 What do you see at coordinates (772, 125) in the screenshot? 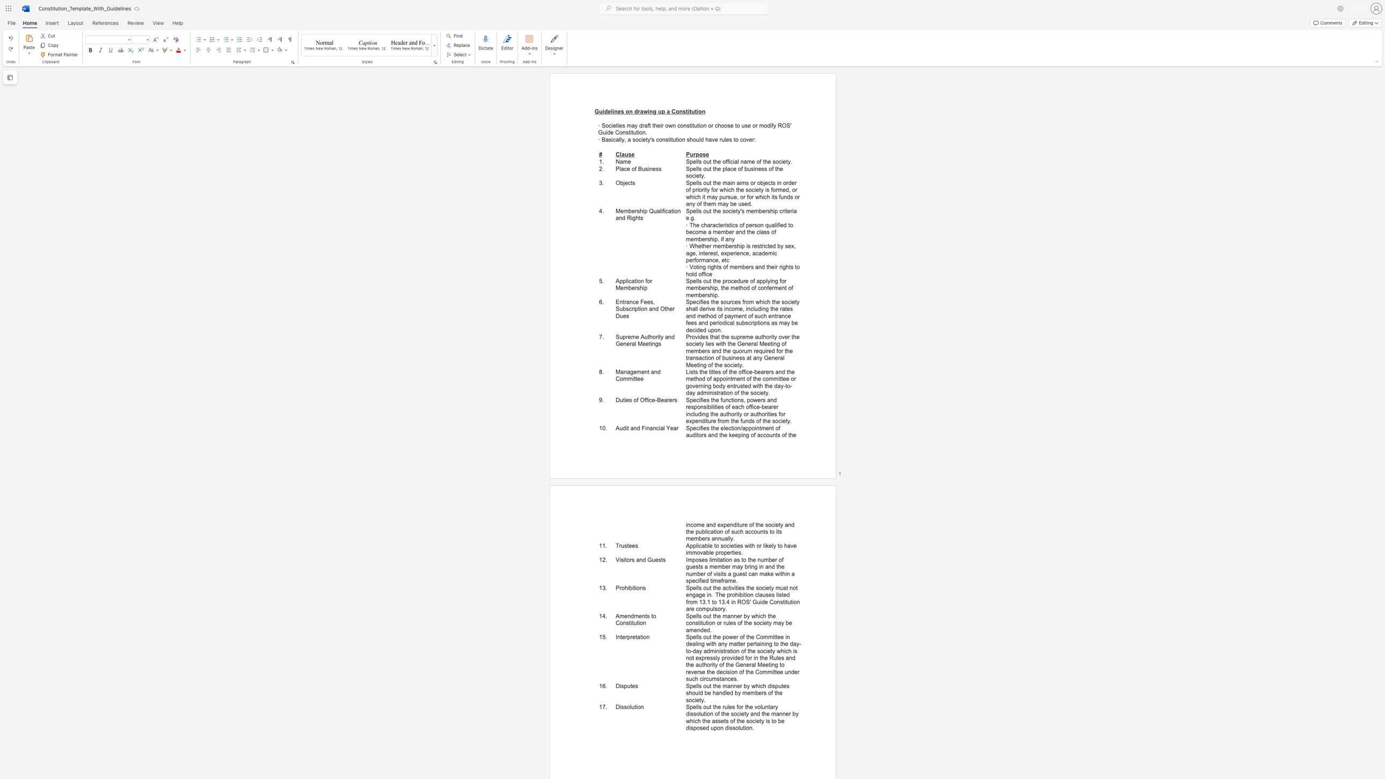
I see `the 2th character "f" in the text` at bounding box center [772, 125].